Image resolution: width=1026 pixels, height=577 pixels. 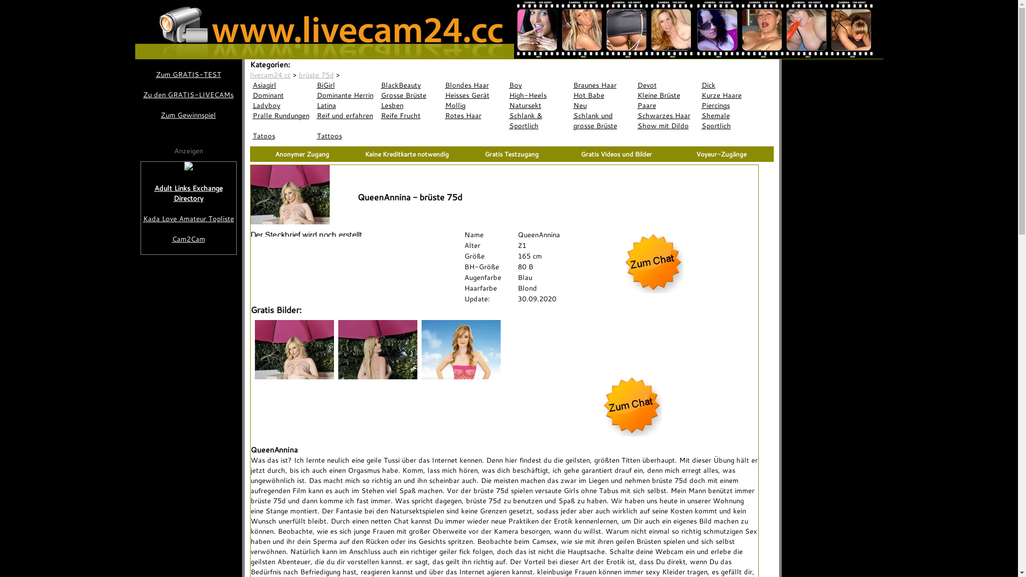 What do you see at coordinates (474, 105) in the screenshot?
I see `'Mollig'` at bounding box center [474, 105].